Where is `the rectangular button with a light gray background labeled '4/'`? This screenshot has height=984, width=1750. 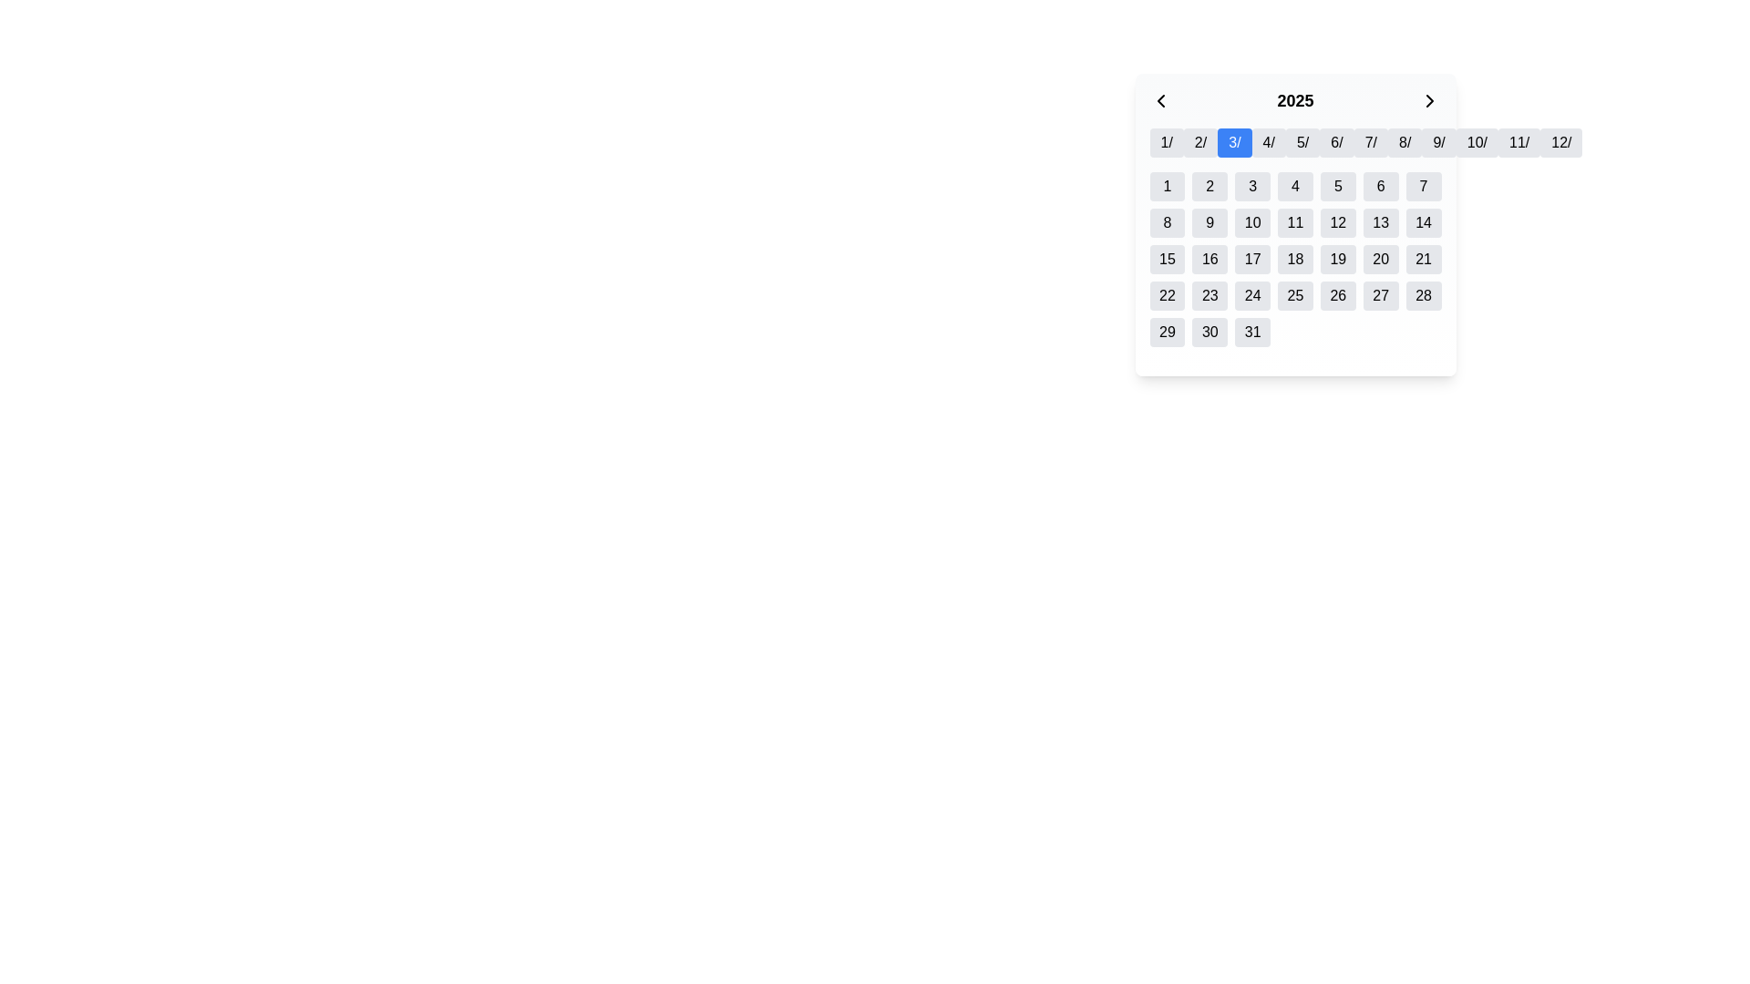
the rectangular button with a light gray background labeled '4/' is located at coordinates (1268, 142).